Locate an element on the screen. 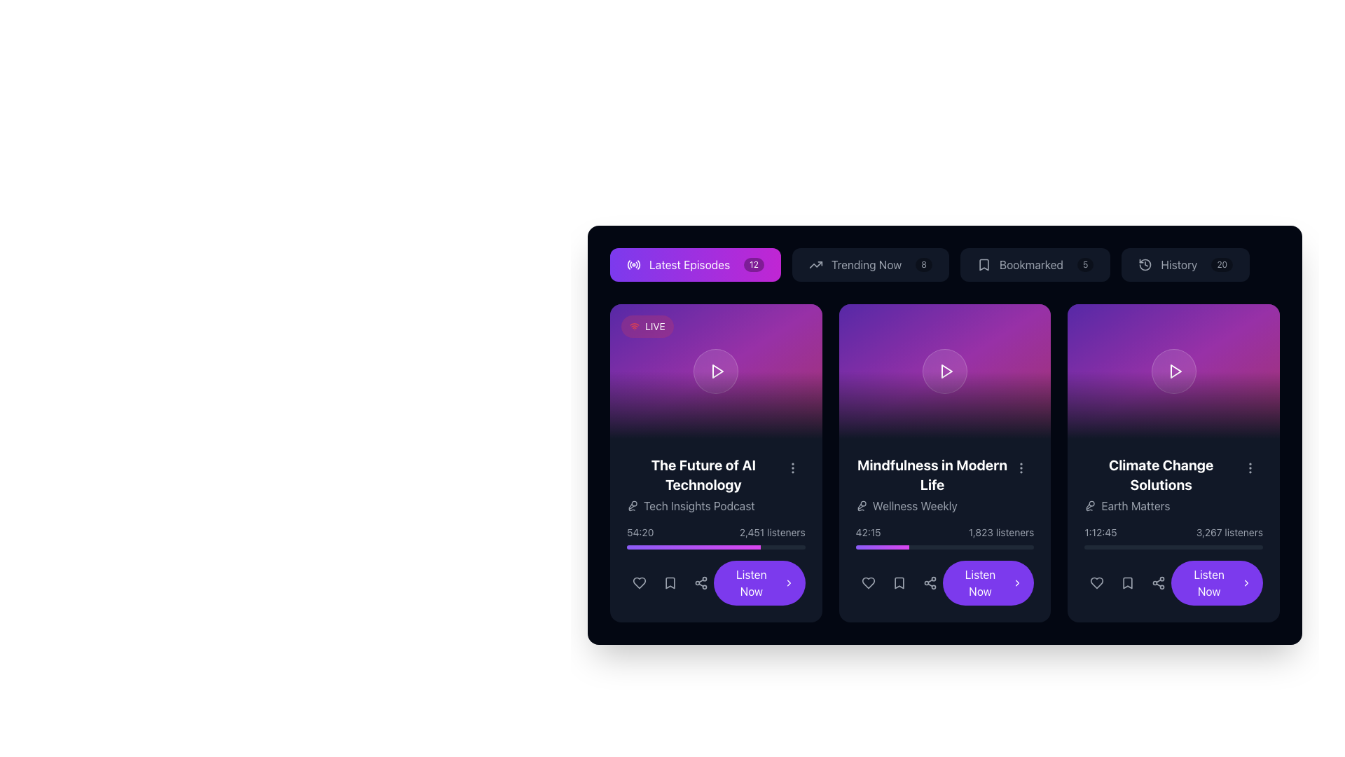 The width and height of the screenshot is (1345, 757). the triangular-shaped play icon with a white outline, which is located in the center of a circular button with a semi-transparent dark background is located at coordinates (717, 370).